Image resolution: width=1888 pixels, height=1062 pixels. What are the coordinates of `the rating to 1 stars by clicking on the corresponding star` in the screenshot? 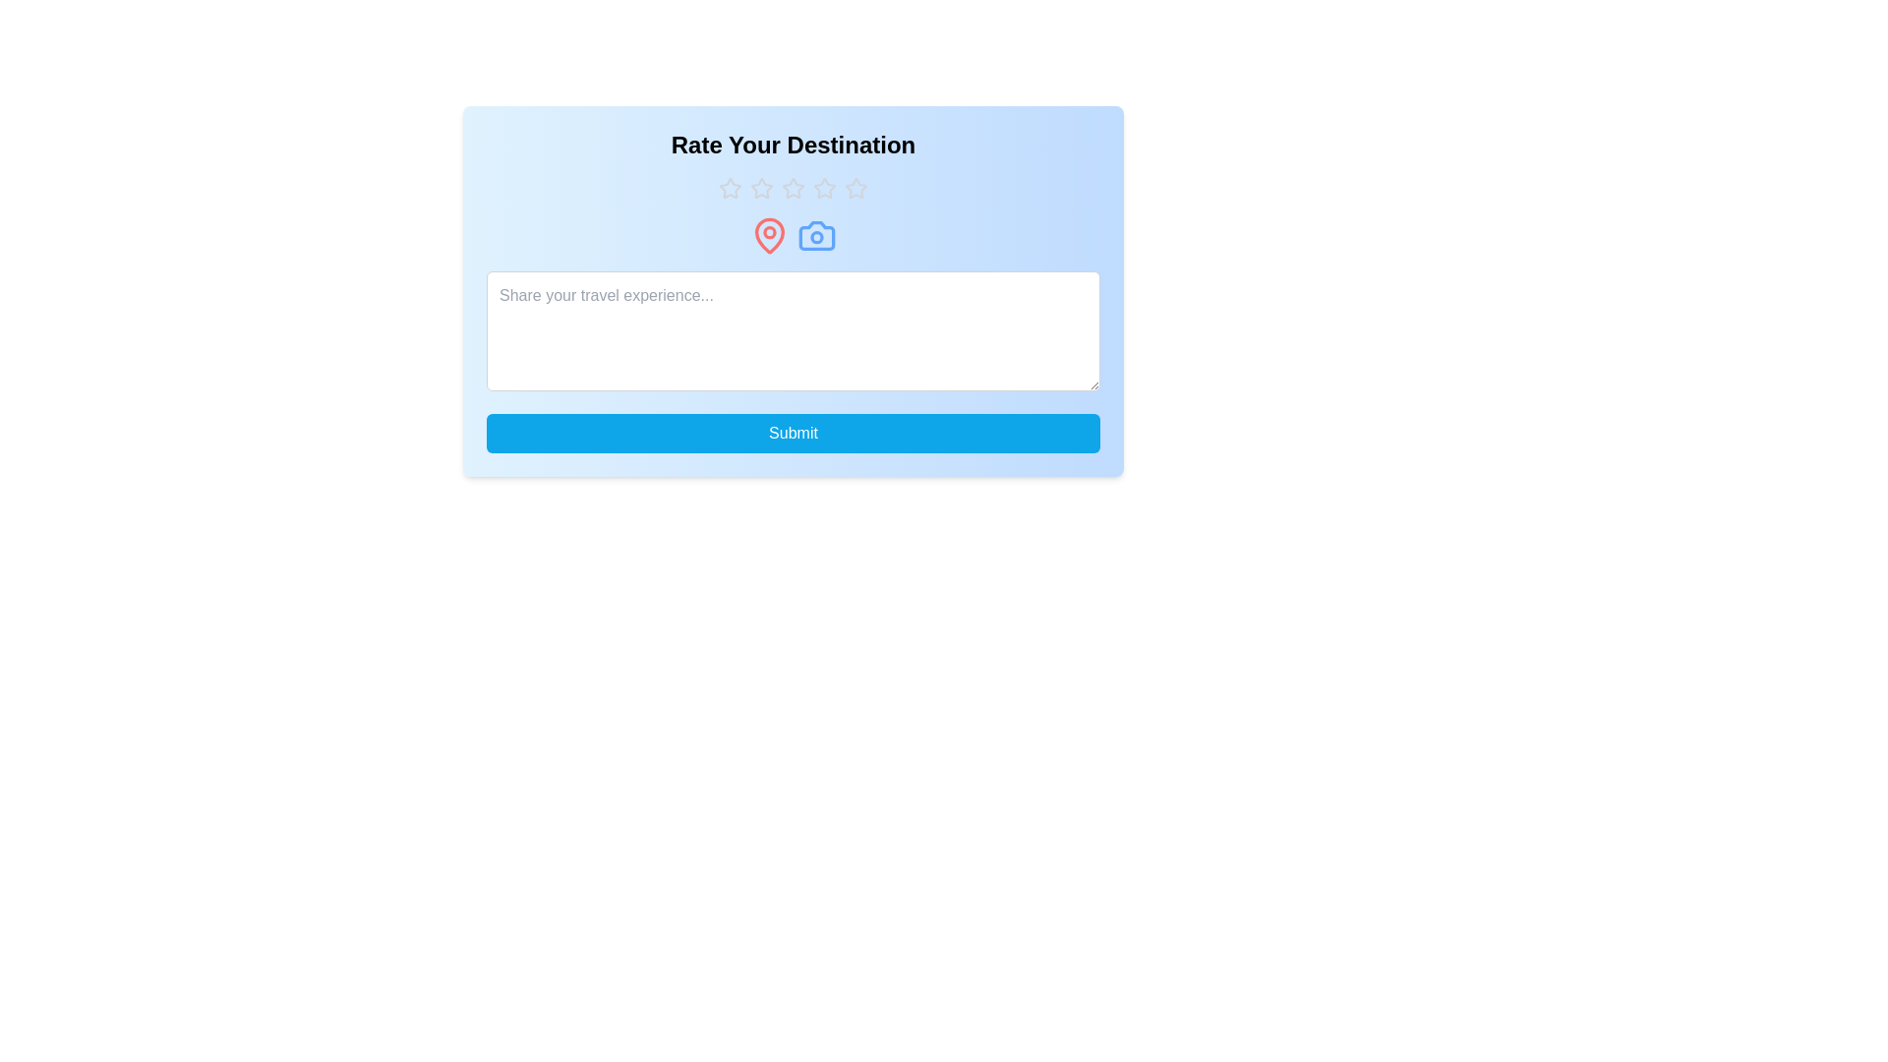 It's located at (730, 189).